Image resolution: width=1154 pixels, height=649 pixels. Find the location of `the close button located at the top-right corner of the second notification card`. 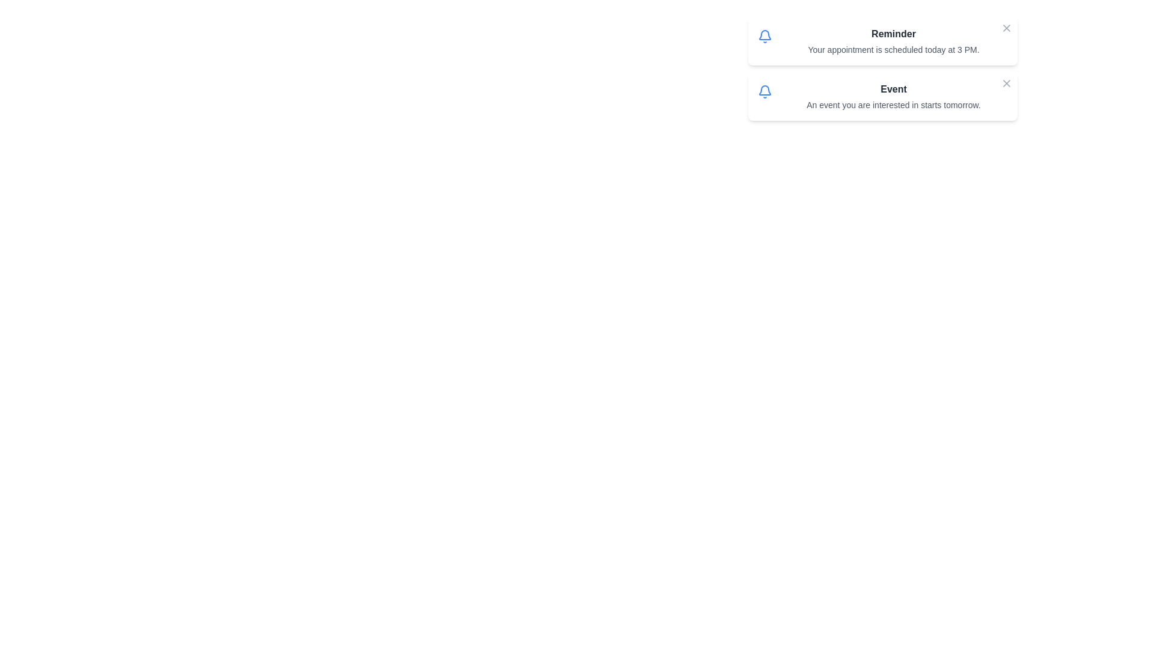

the close button located at the top-right corner of the second notification card is located at coordinates (1007, 82).